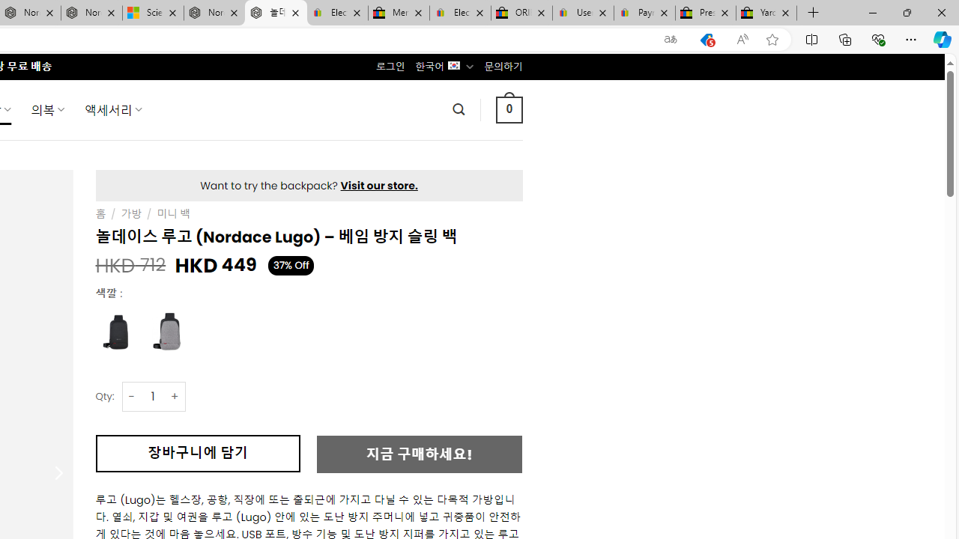 The height and width of the screenshot is (539, 959). Describe the element at coordinates (509, 109) in the screenshot. I see `' 0 '` at that location.